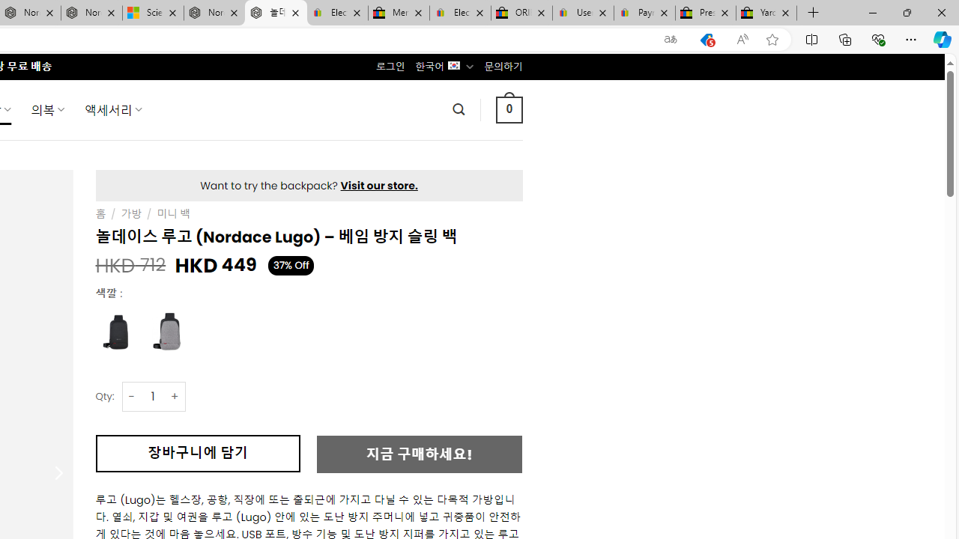 The height and width of the screenshot is (539, 959). Describe the element at coordinates (509, 109) in the screenshot. I see `' 0 '` at that location.